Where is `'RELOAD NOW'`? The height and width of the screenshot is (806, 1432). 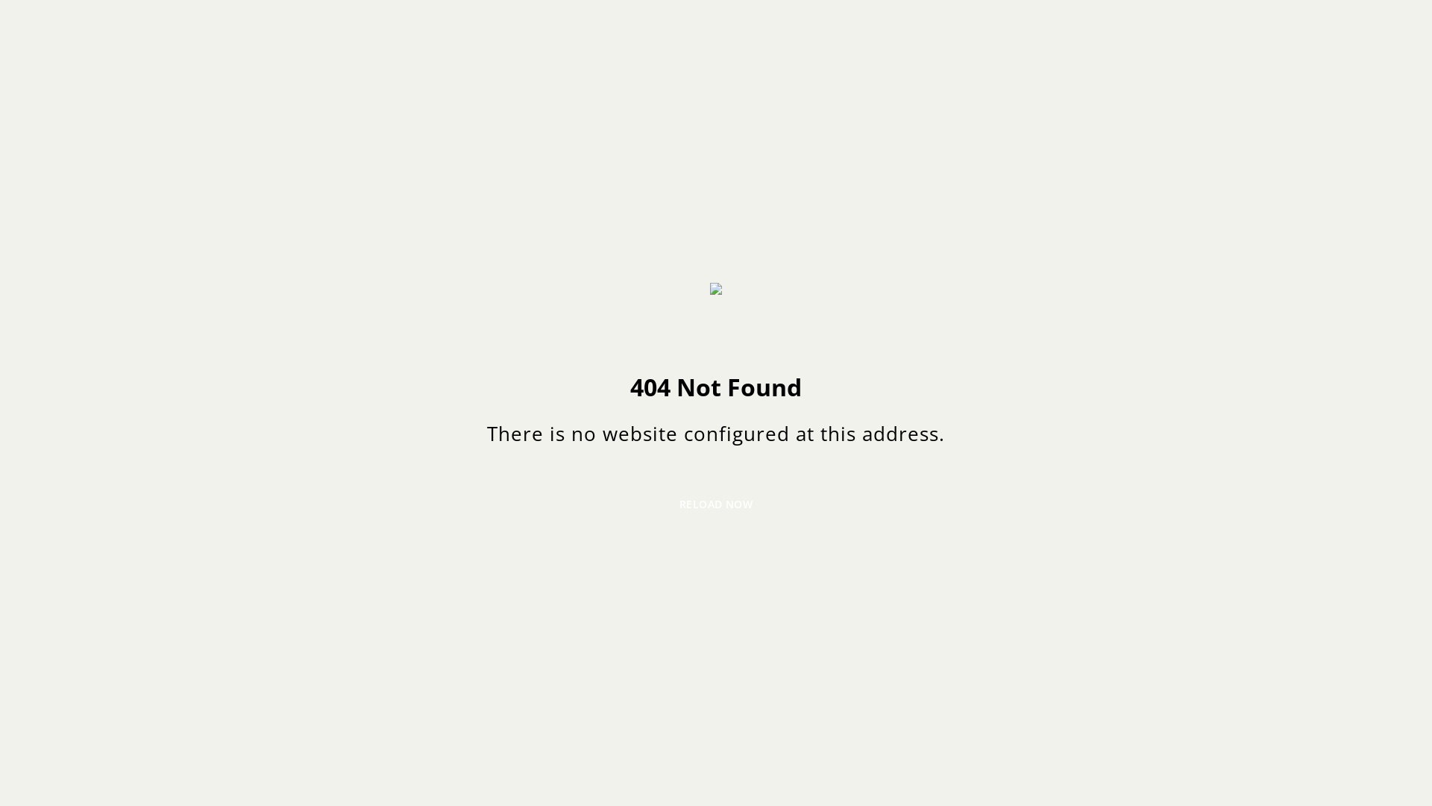 'RELOAD NOW' is located at coordinates (716, 504).